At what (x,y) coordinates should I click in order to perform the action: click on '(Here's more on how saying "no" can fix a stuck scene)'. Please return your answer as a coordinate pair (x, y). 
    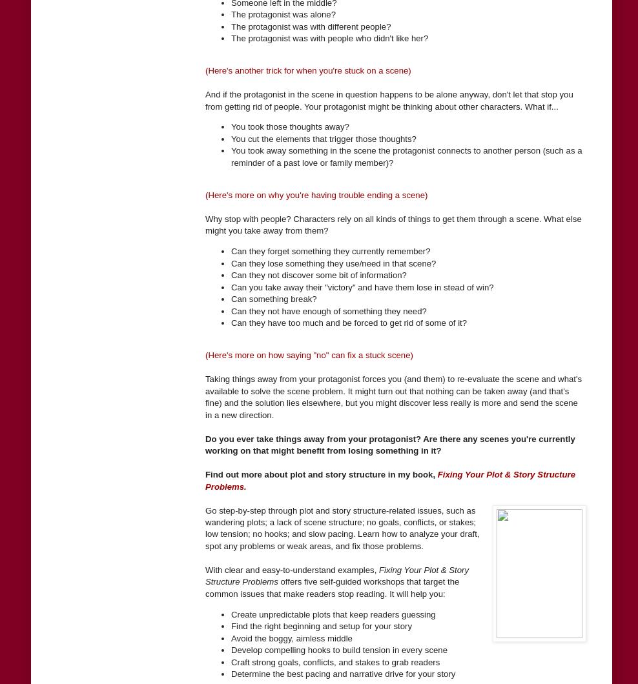
    Looking at the image, I should click on (309, 355).